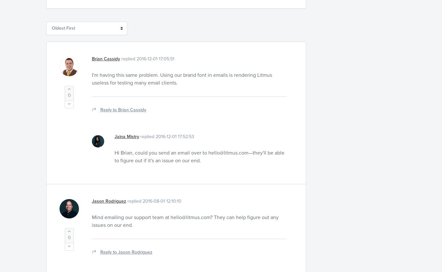 This screenshot has width=442, height=272. I want to click on 'JM', so click(98, 144).